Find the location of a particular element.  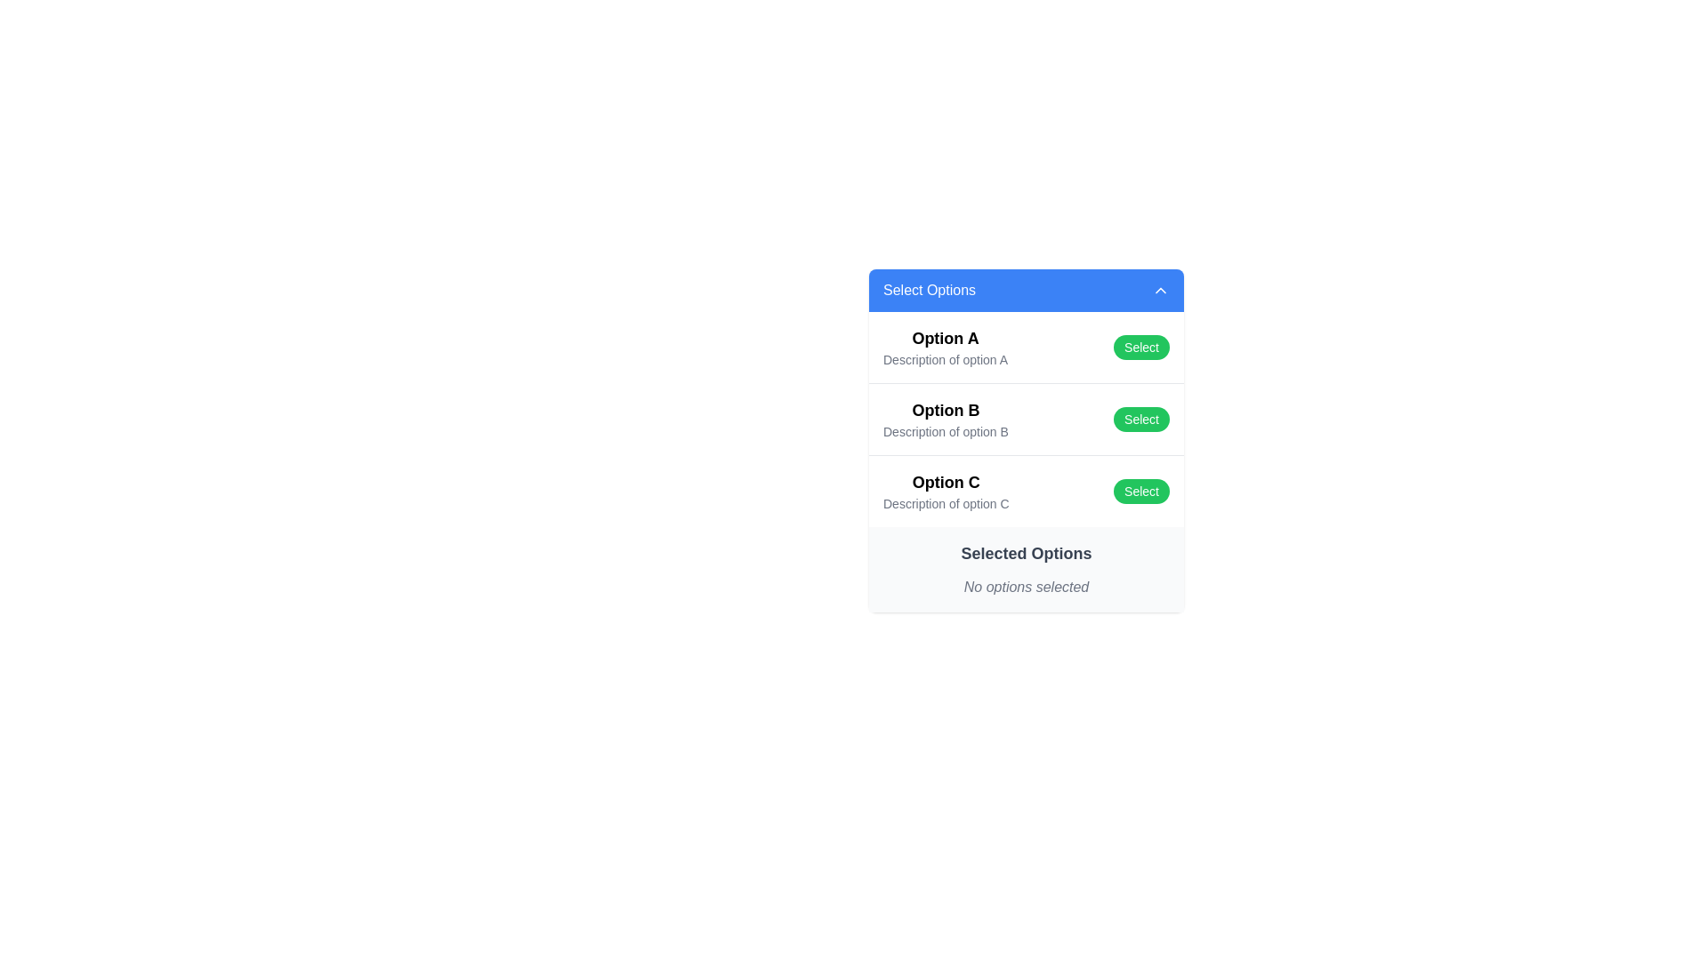

the menu toggle icon located in the header section of the blue area titled 'Select Options' is located at coordinates (1161, 290).